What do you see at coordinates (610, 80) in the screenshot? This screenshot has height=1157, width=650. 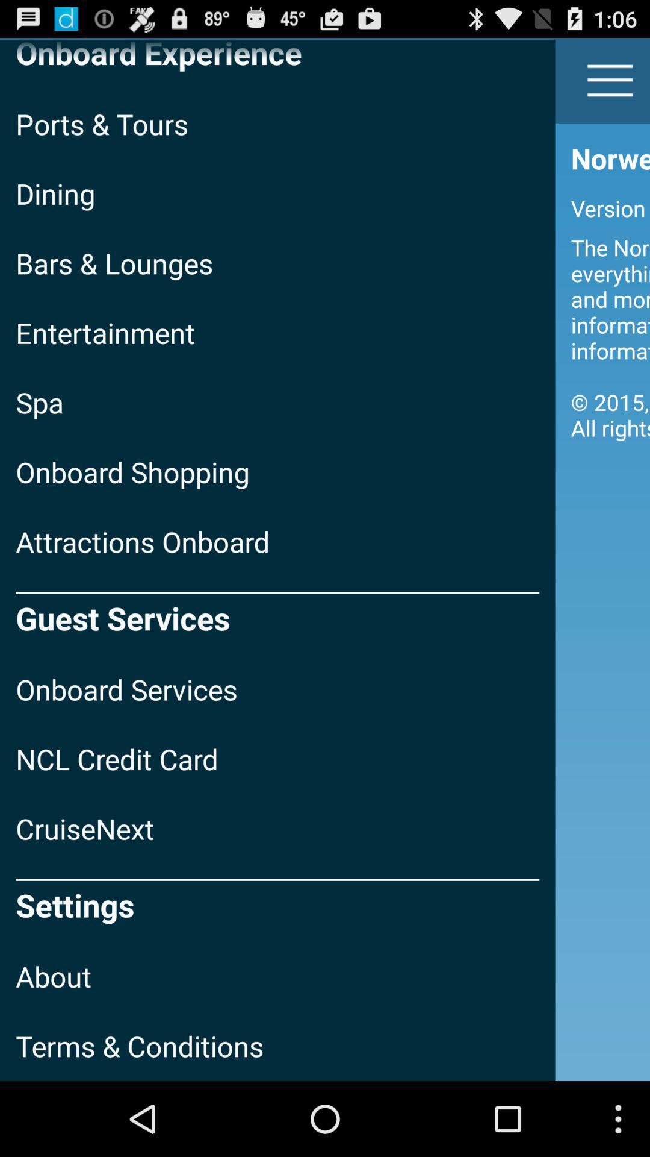 I see `the icon above norwegian iconcierge` at bounding box center [610, 80].